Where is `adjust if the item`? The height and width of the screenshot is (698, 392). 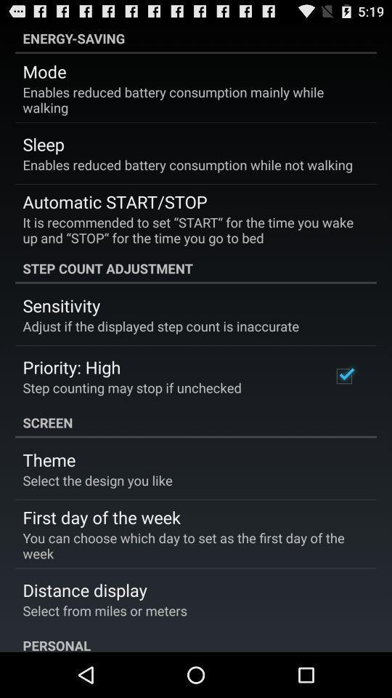
adjust if the item is located at coordinates (160, 326).